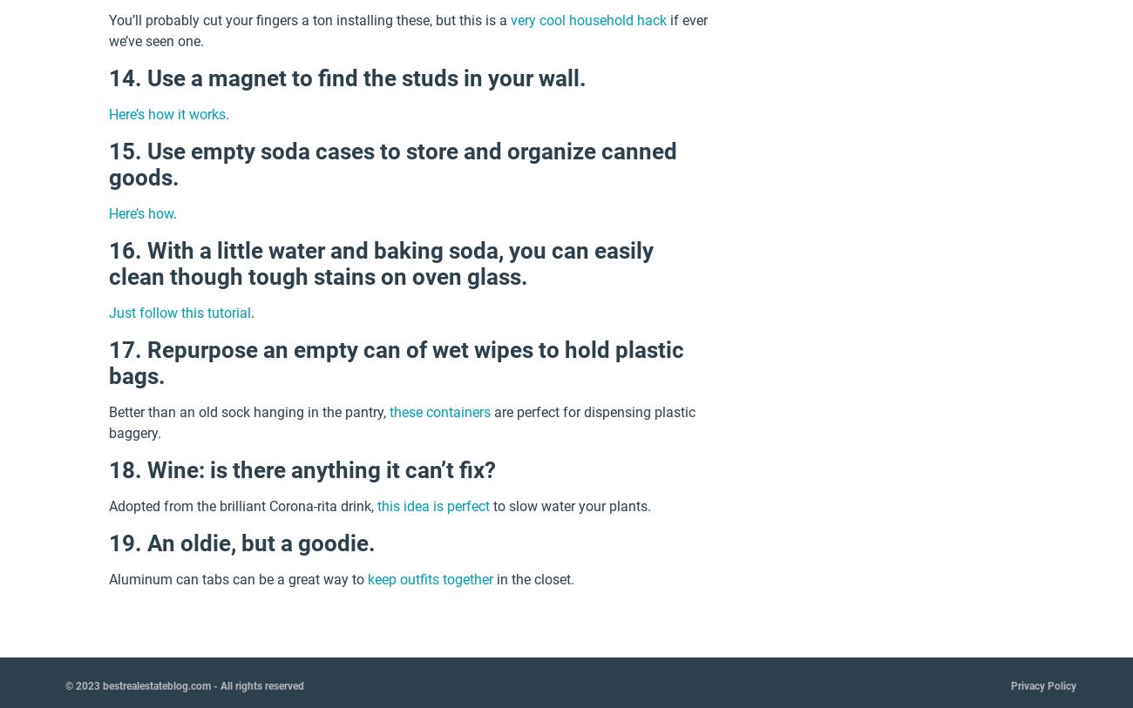 This screenshot has width=1133, height=708. Describe the element at coordinates (180, 312) in the screenshot. I see `'Just follow this tutorial'` at that location.